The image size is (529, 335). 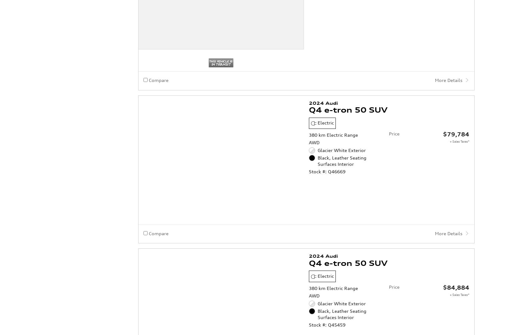 What do you see at coordinates (308, 274) in the screenshot?
I see `'Stock #: Q45459'` at bounding box center [308, 274].